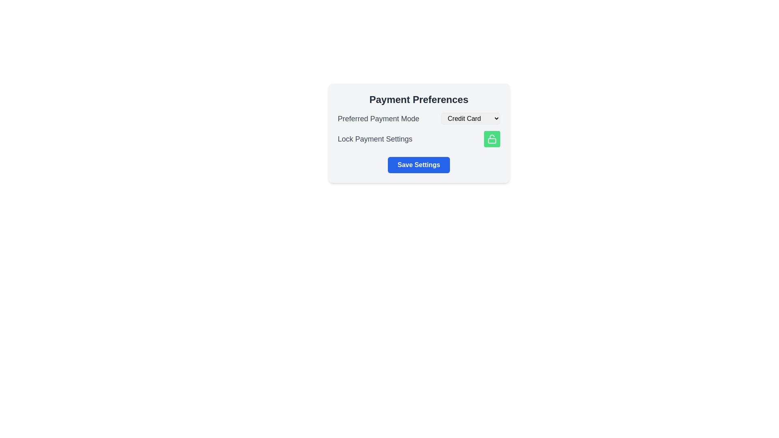  What do you see at coordinates (491, 136) in the screenshot?
I see `the open lock shackle icon located on the right side of the 'Lock Payment Settings' label, which indicates an unlocked state and is found within a button with a green background in the 'Payment Preferences' section` at bounding box center [491, 136].